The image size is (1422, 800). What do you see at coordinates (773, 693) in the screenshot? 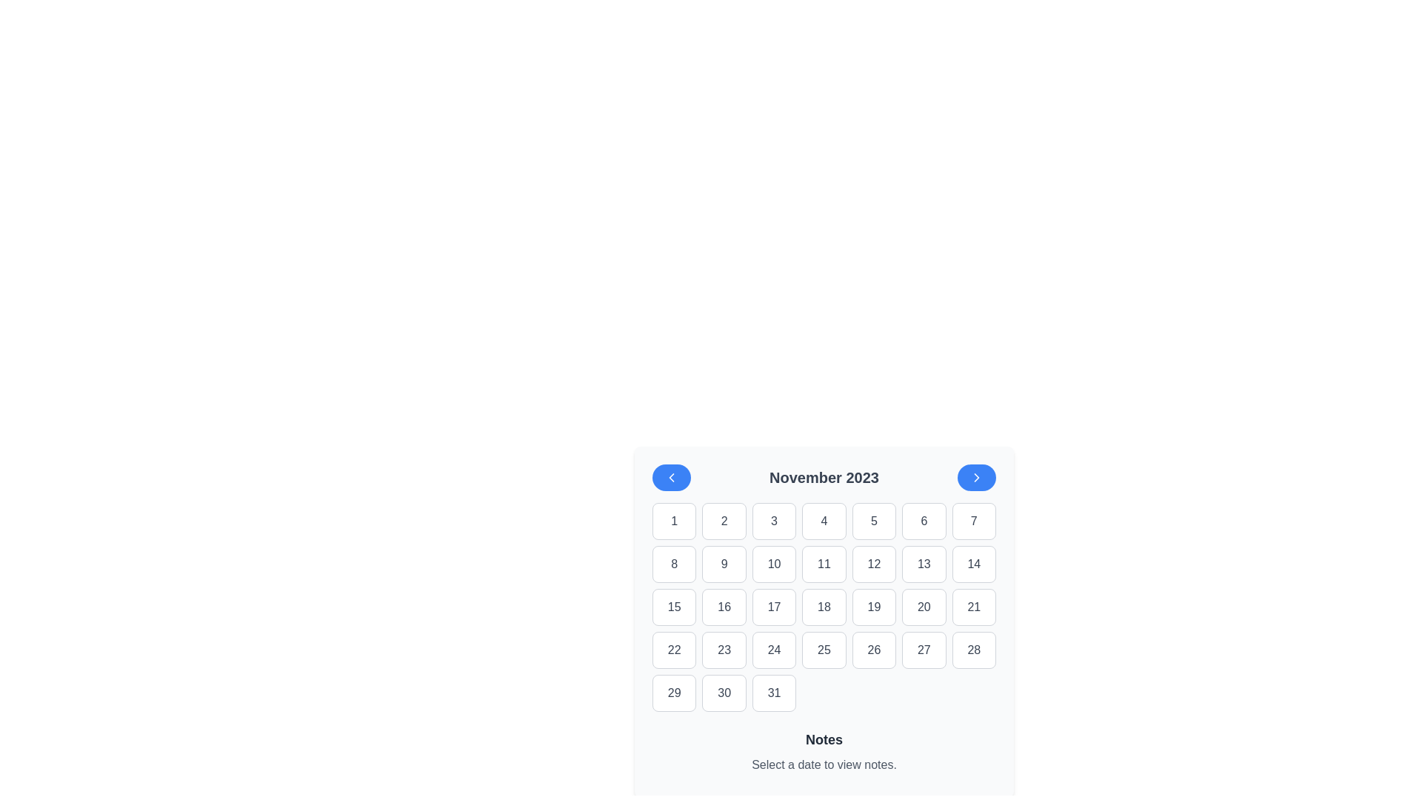
I see `the interactive calendar date selection button labeled '31' located in the bottom-right corner of the calendar` at bounding box center [773, 693].